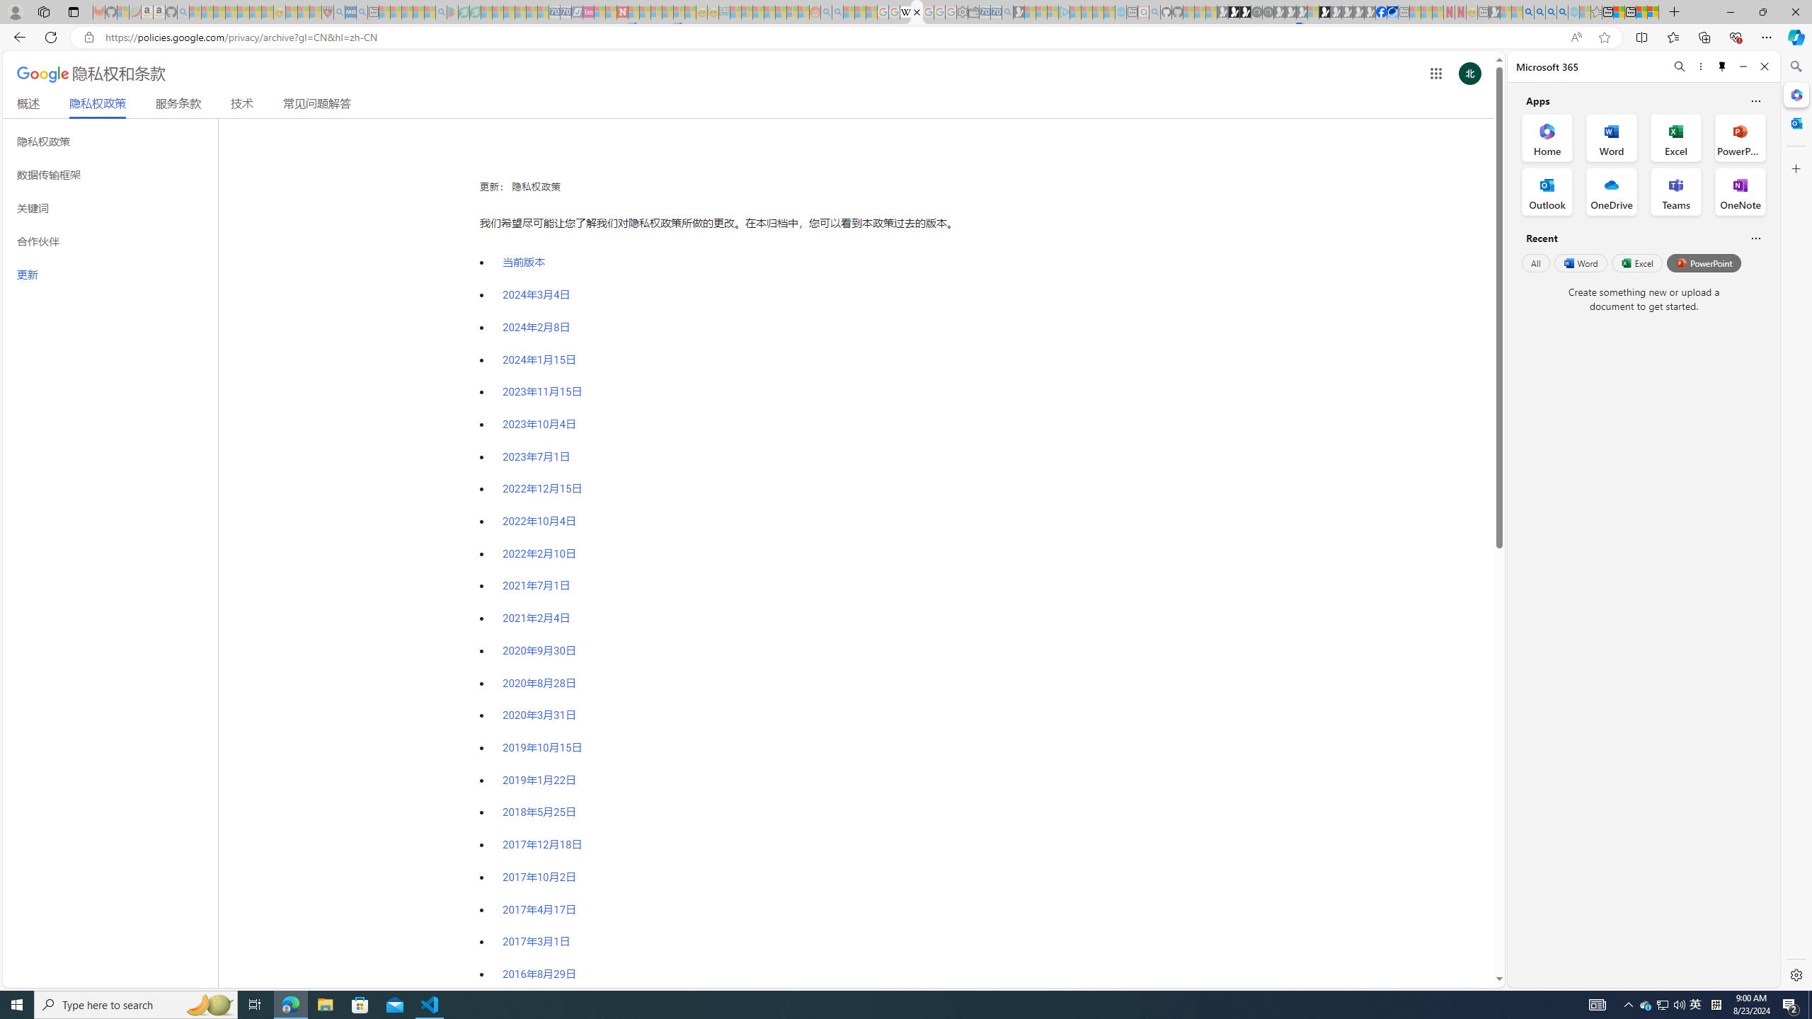 This screenshot has height=1019, width=1812. Describe the element at coordinates (1676, 192) in the screenshot. I see `'Teams Office App'` at that location.